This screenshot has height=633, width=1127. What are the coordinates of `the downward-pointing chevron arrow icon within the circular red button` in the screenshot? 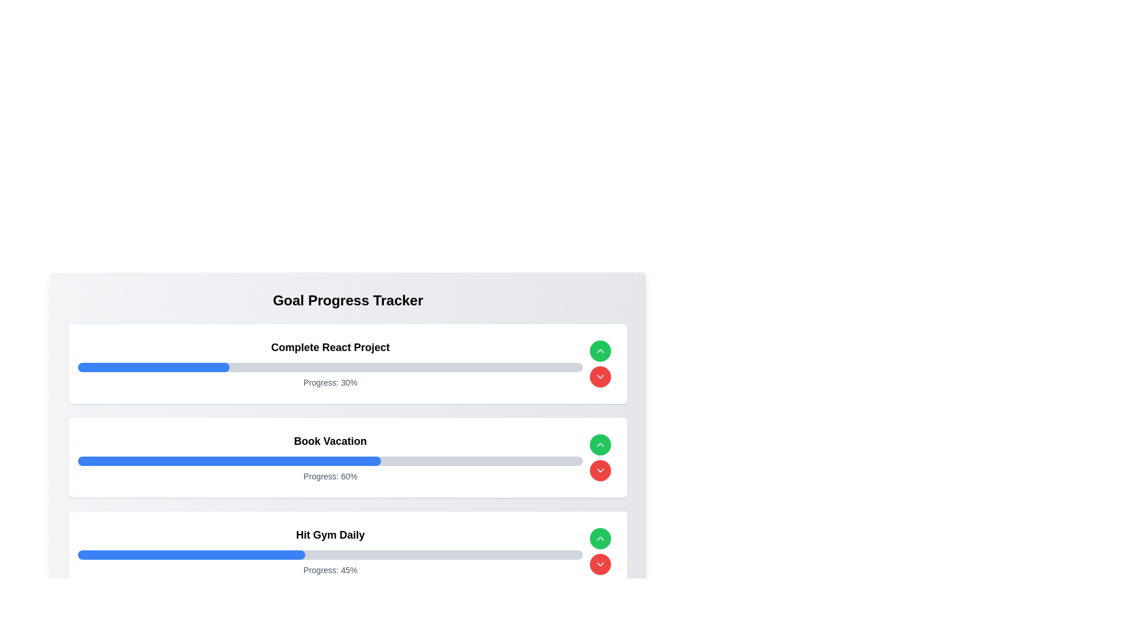 It's located at (600, 564).